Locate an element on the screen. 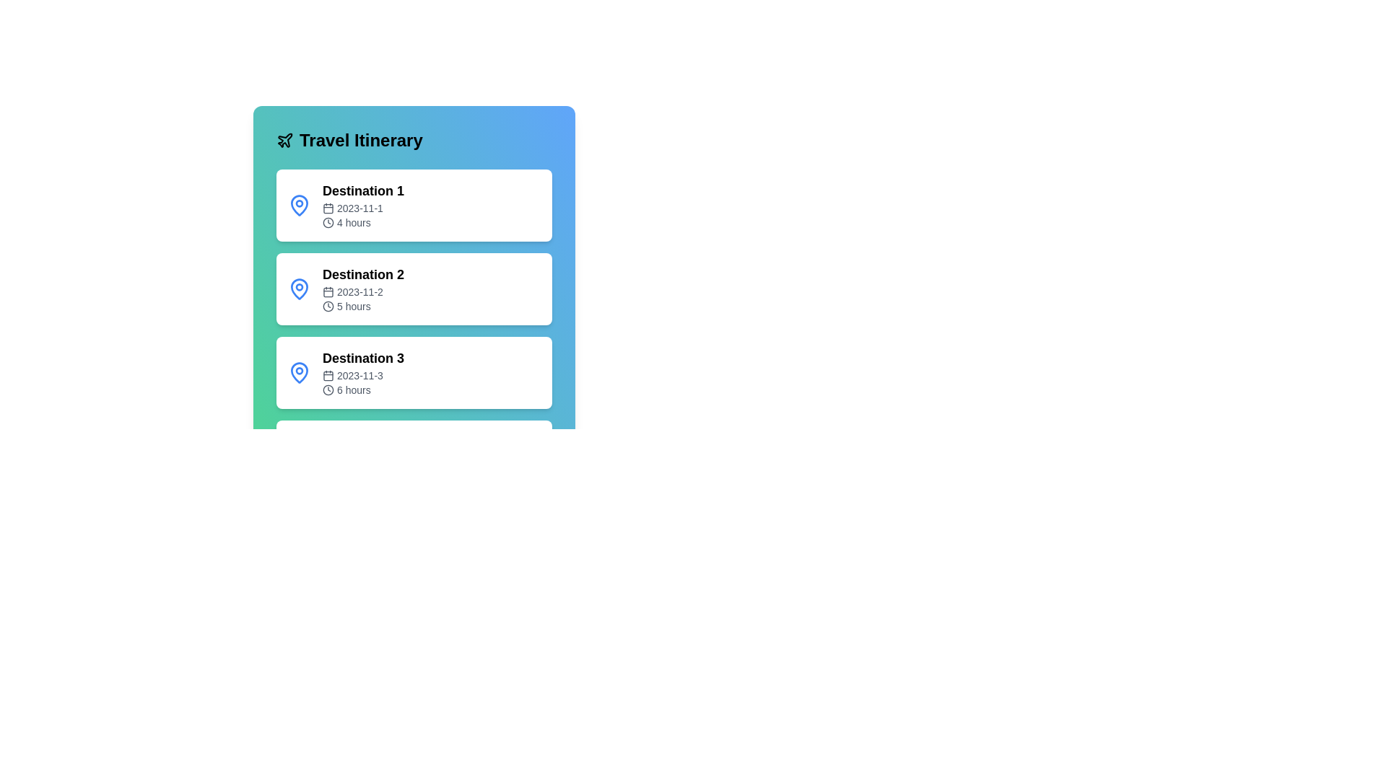 The width and height of the screenshot is (1386, 779). the blue map pin icon located to the left of the 'Destination 1' text in the first destination card of the travel itinerary interface is located at coordinates (298, 206).